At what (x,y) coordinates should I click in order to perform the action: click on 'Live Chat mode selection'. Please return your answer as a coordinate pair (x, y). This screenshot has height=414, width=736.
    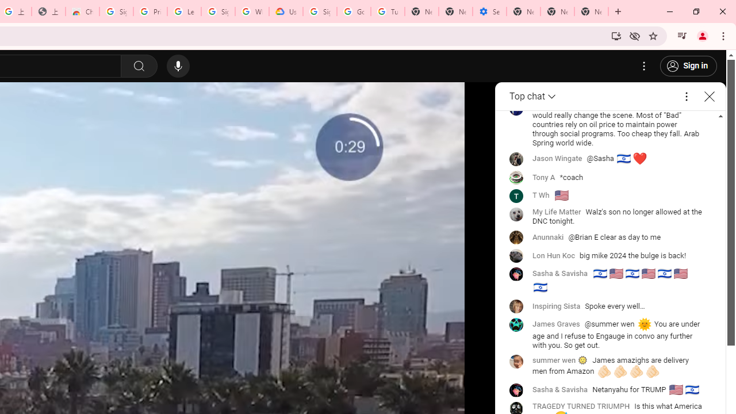
    Looking at the image, I should click on (533, 96).